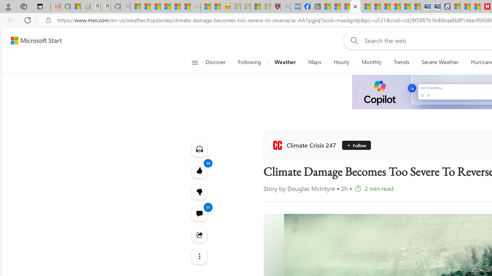  Describe the element at coordinates (401, 62) in the screenshot. I see `'Trends'` at that location.